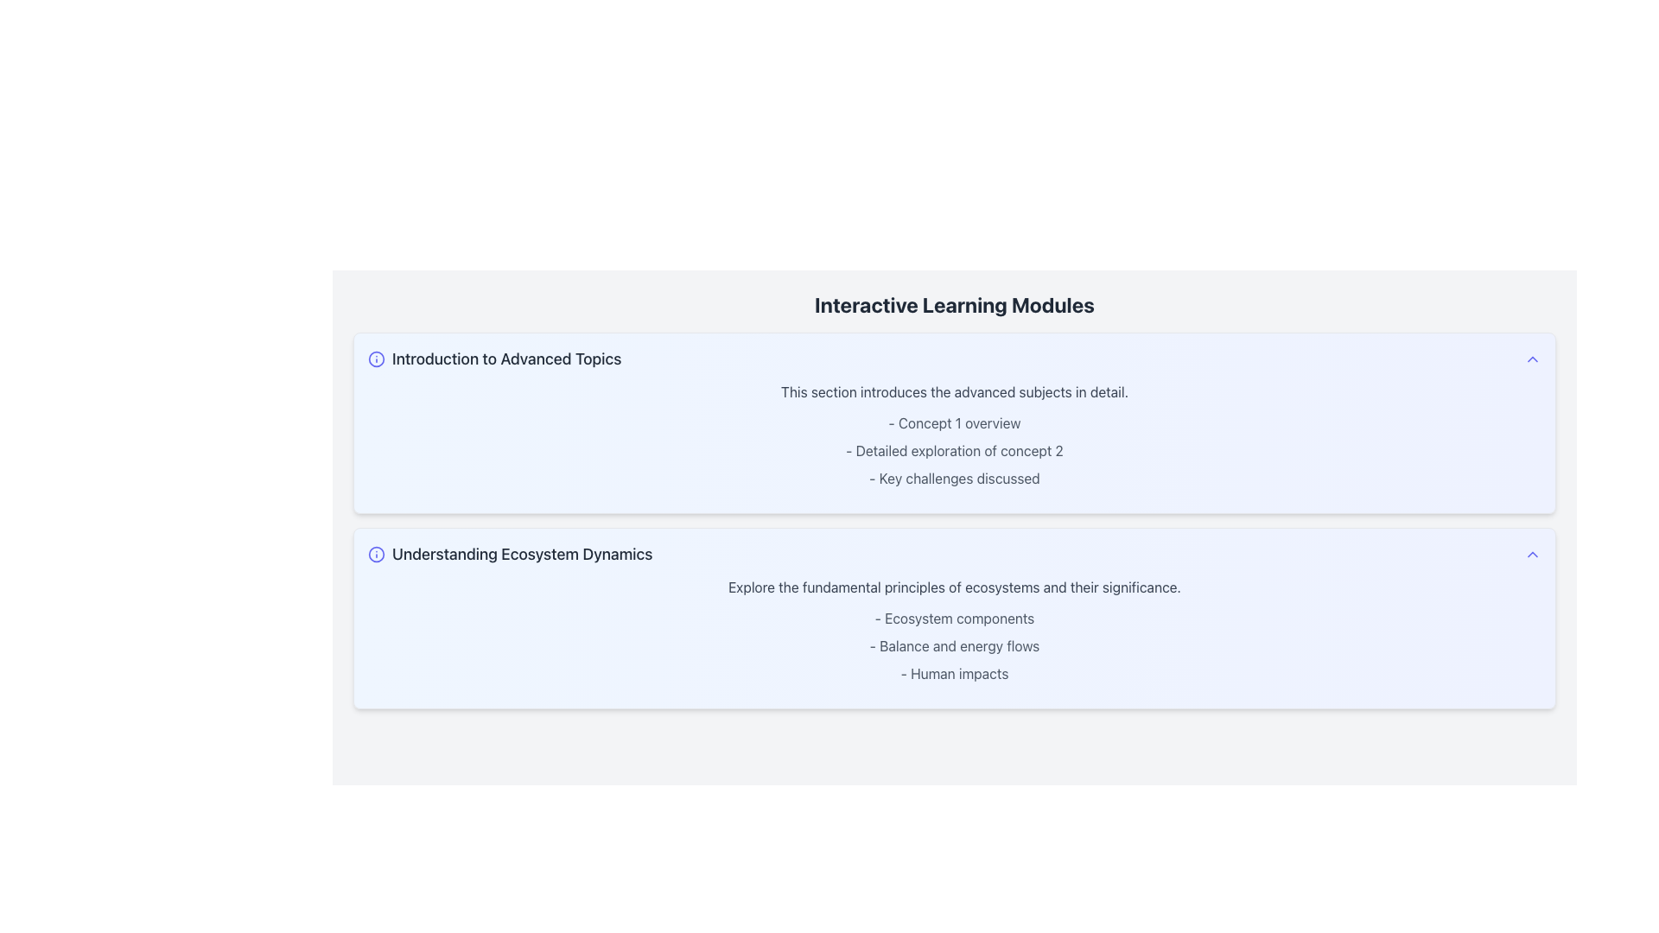 The width and height of the screenshot is (1659, 933). What do you see at coordinates (953, 479) in the screenshot?
I see `the text label displaying '- Key challenges discussed' in gray font, which is the third item in the bulleted list under 'Introduction to Advanced Topics.'` at bounding box center [953, 479].